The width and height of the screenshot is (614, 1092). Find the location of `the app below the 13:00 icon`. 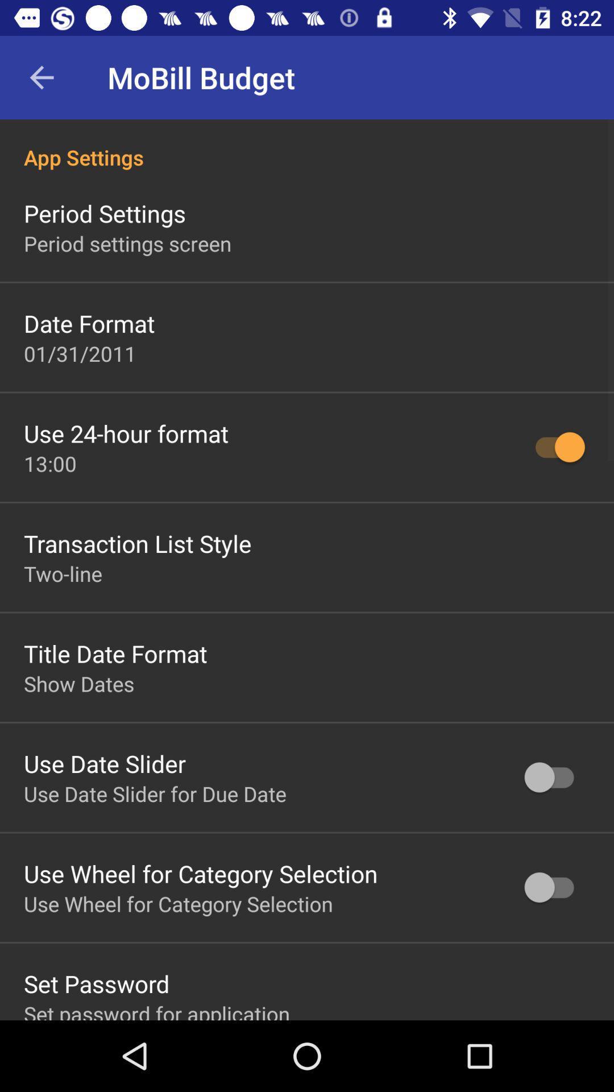

the app below the 13:00 icon is located at coordinates (137, 543).